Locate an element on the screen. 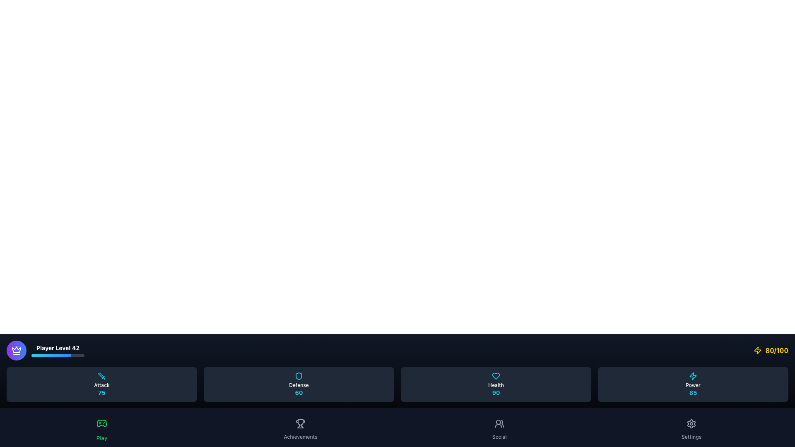  text label located at the rightmost side of the bottom navigation bar, which indicates social features or user interactions is located at coordinates (499, 437).